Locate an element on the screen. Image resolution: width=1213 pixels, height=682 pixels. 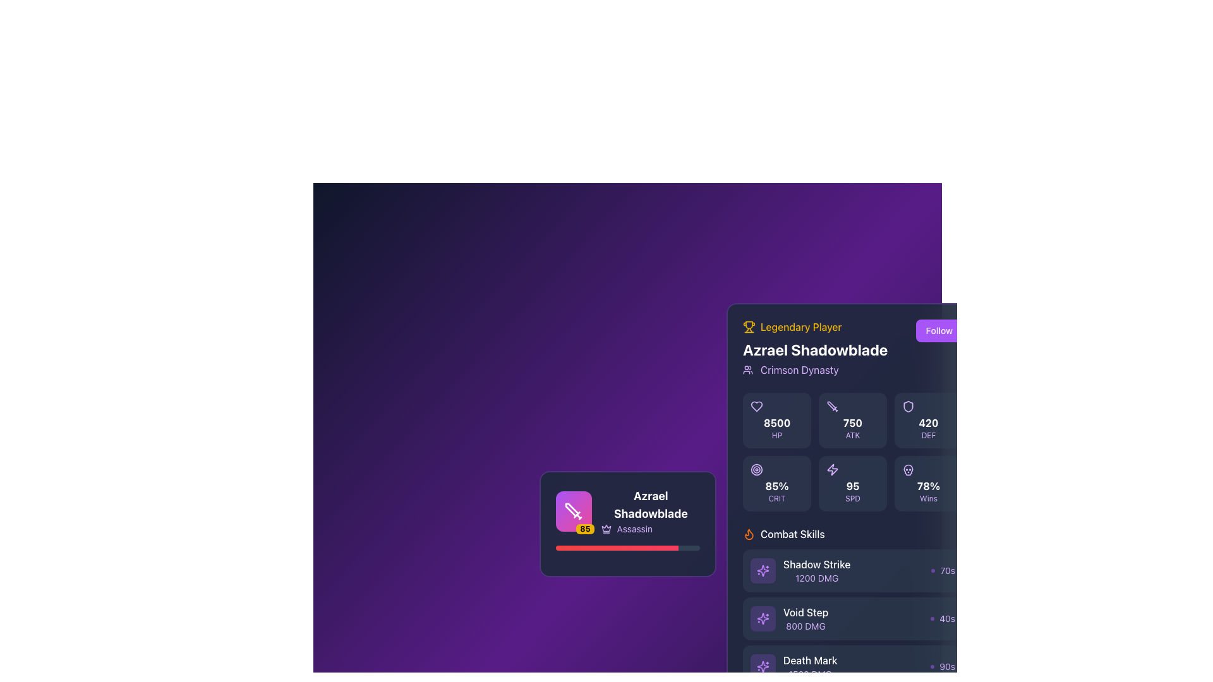
the visual representation of the square-shaped icon with rounded edges and a purple background, located in the 'Combat Skills' section near the 'Shadow Strike' label is located at coordinates (762, 570).